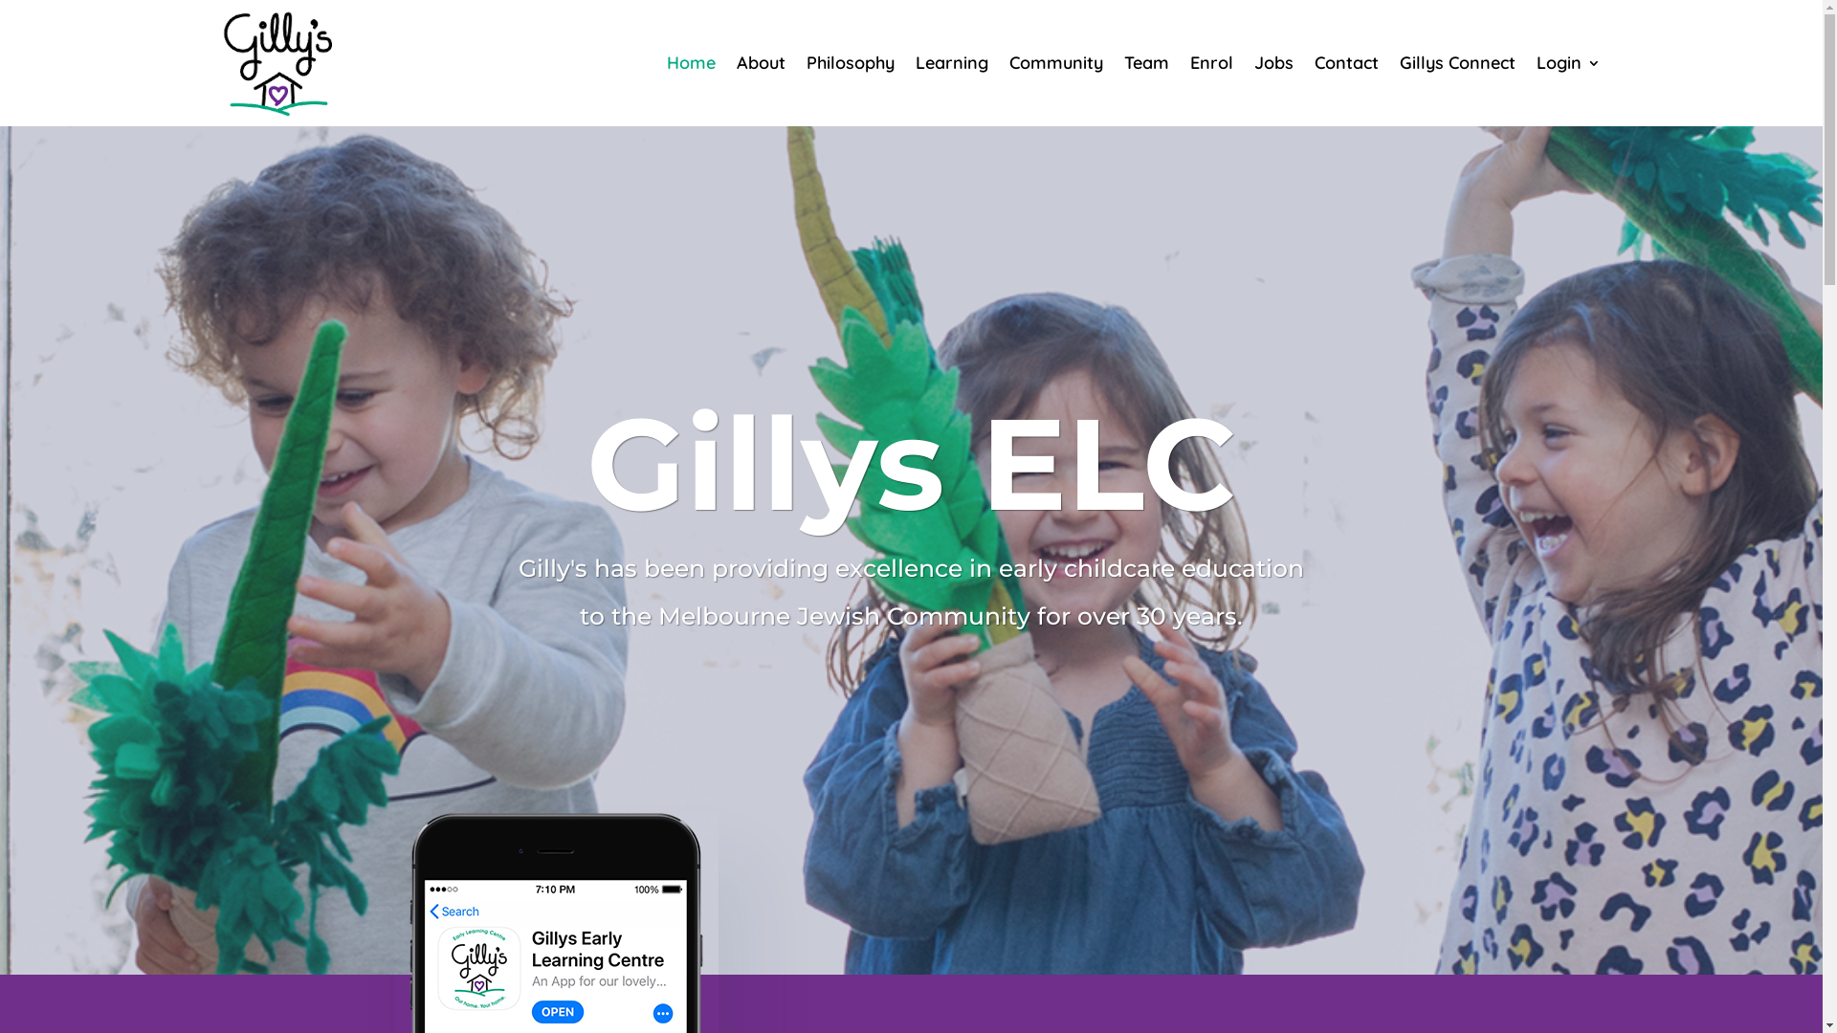  I want to click on 'Contact', so click(1345, 61).